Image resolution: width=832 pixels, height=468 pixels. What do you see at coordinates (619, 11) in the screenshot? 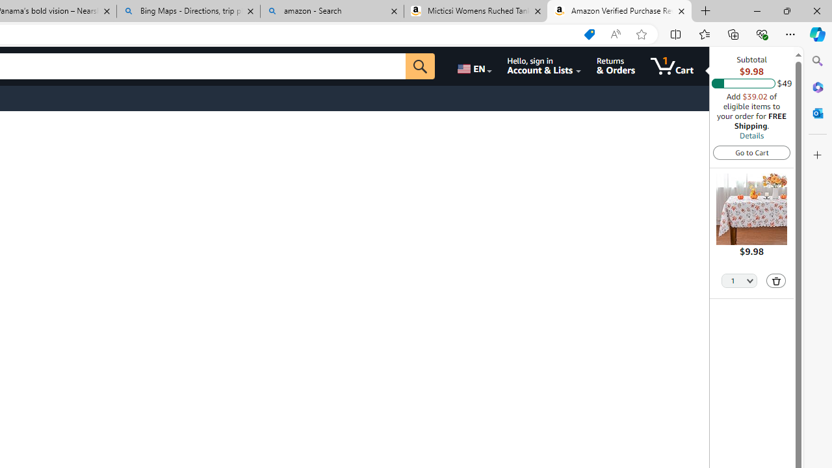
I see `'Amazon Verified Purchase Reviews - Amazon Customer Service'` at bounding box center [619, 11].